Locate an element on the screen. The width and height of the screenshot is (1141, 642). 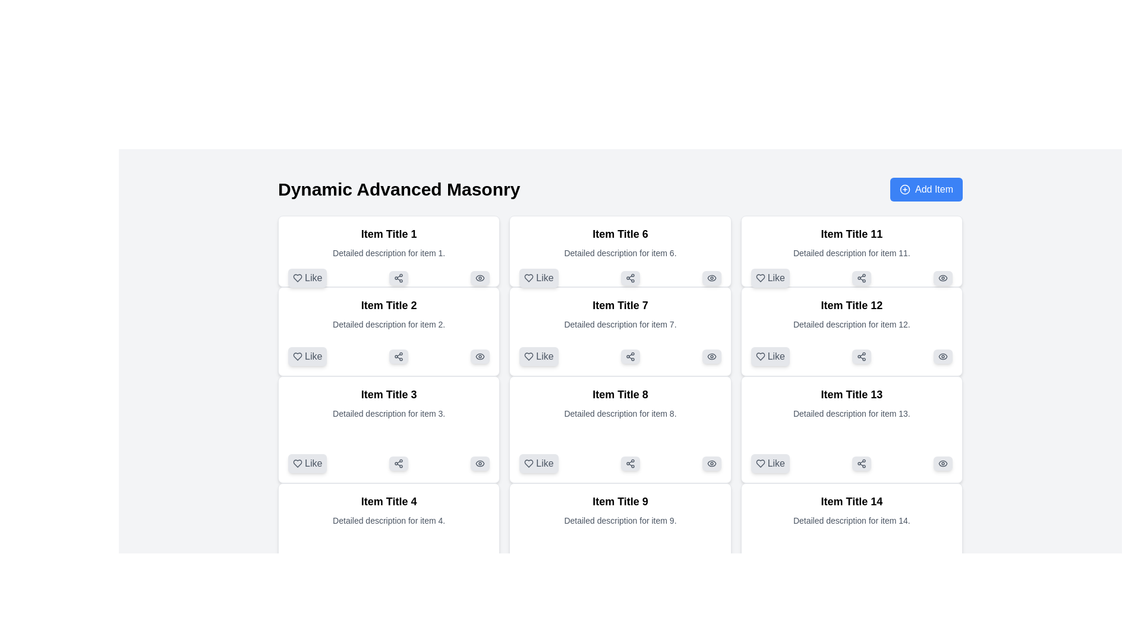
text component displaying 'Detailed description for item 2.' located beneath the heading 'Item Title 2' in the second item card of the masonry layout is located at coordinates (389, 325).